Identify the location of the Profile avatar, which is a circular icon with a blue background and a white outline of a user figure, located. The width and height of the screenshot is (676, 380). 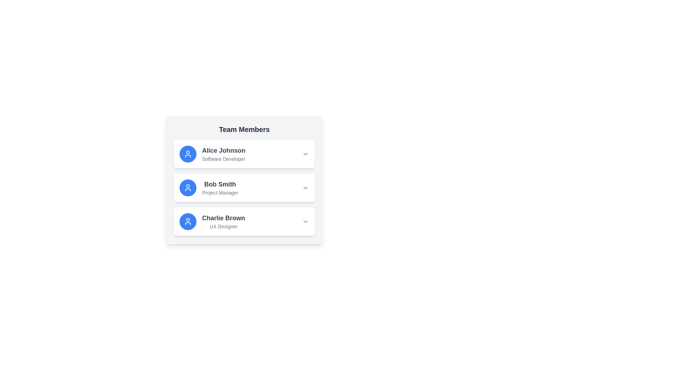
(188, 221).